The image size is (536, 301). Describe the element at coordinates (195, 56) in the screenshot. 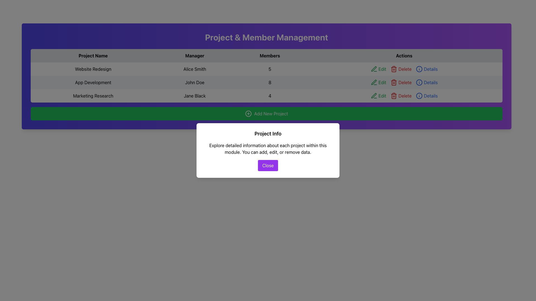

I see `the 'Manager' header label in the second column of the table header, which indicates the column displaying project manager information` at that location.